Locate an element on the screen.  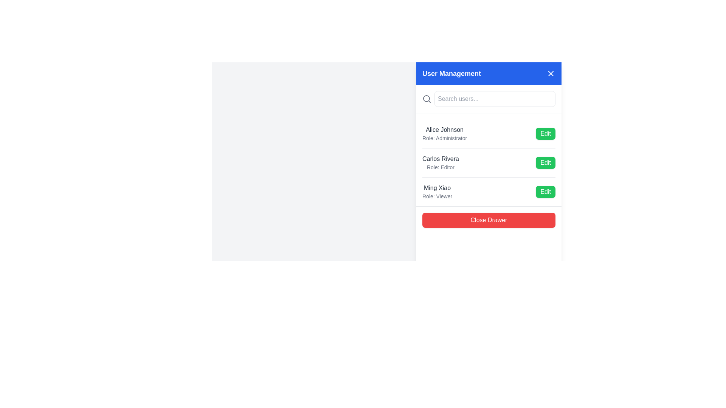
the 'edit' button for the user 'Ming Xiao' to initiate editing of their role or details is located at coordinates (546, 192).